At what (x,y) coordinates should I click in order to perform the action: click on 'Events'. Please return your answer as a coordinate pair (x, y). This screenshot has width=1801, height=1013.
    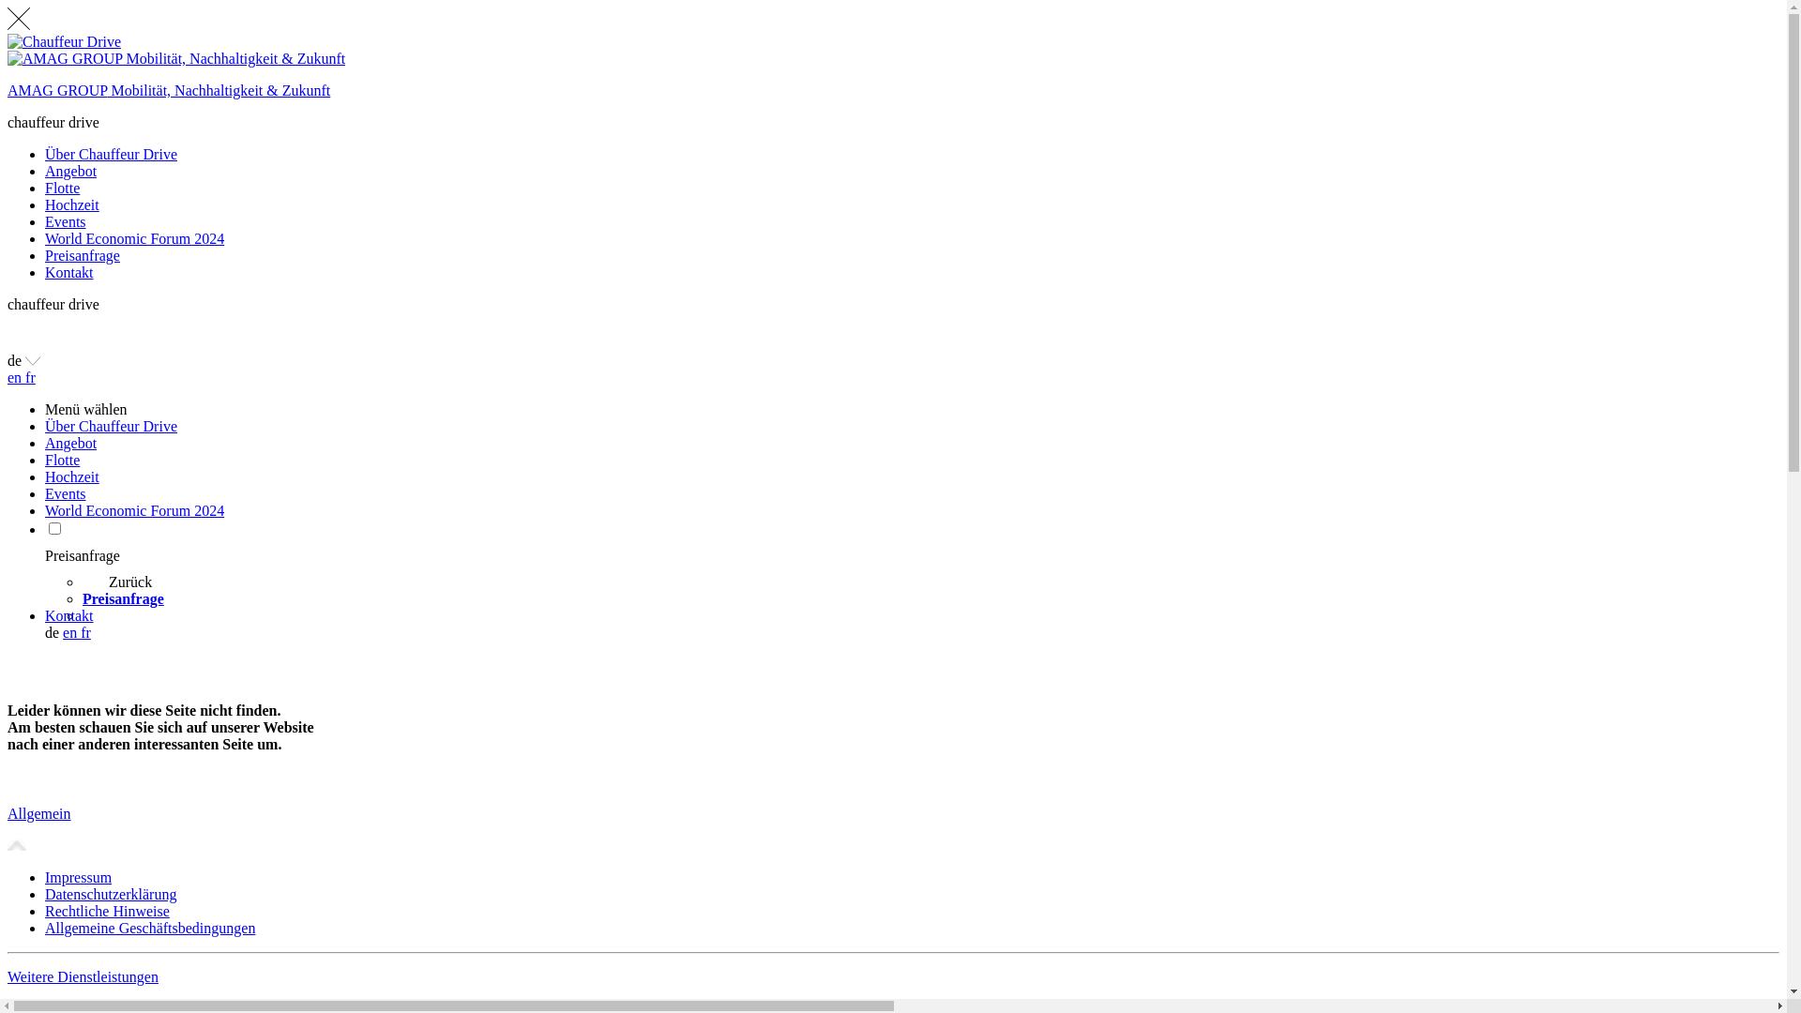
    Looking at the image, I should click on (66, 220).